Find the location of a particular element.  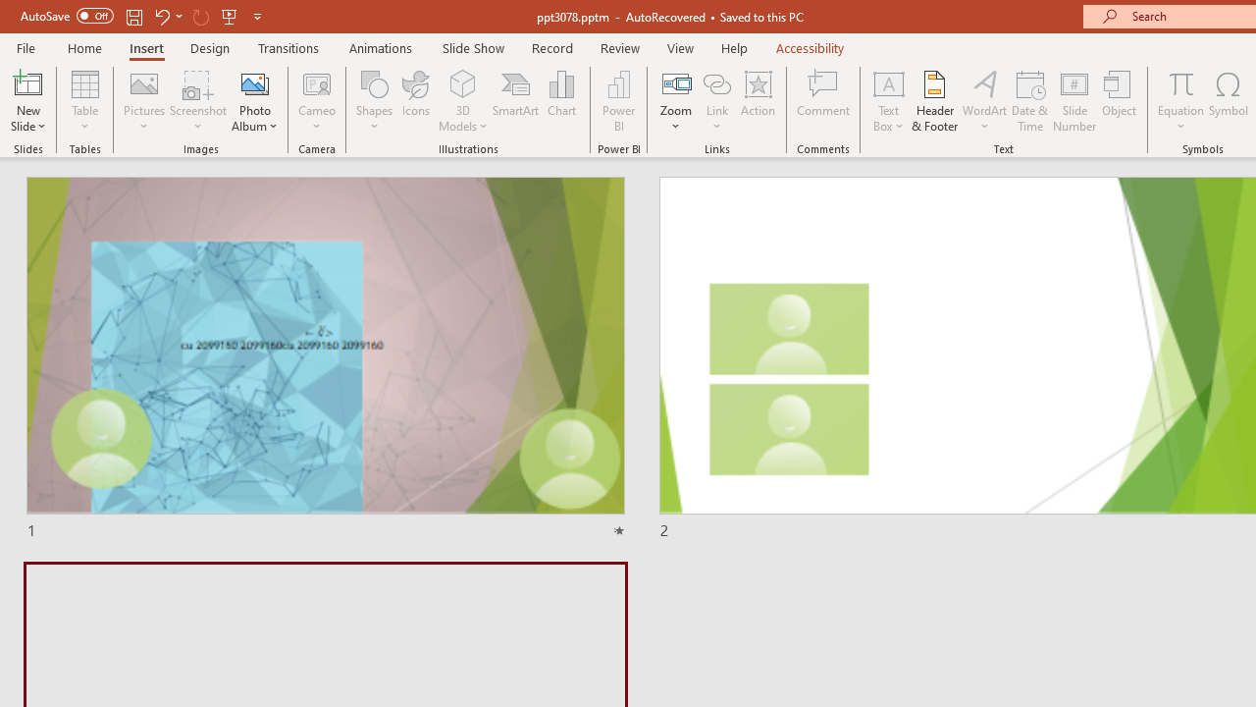

'3D Models' is located at coordinates (462, 101).